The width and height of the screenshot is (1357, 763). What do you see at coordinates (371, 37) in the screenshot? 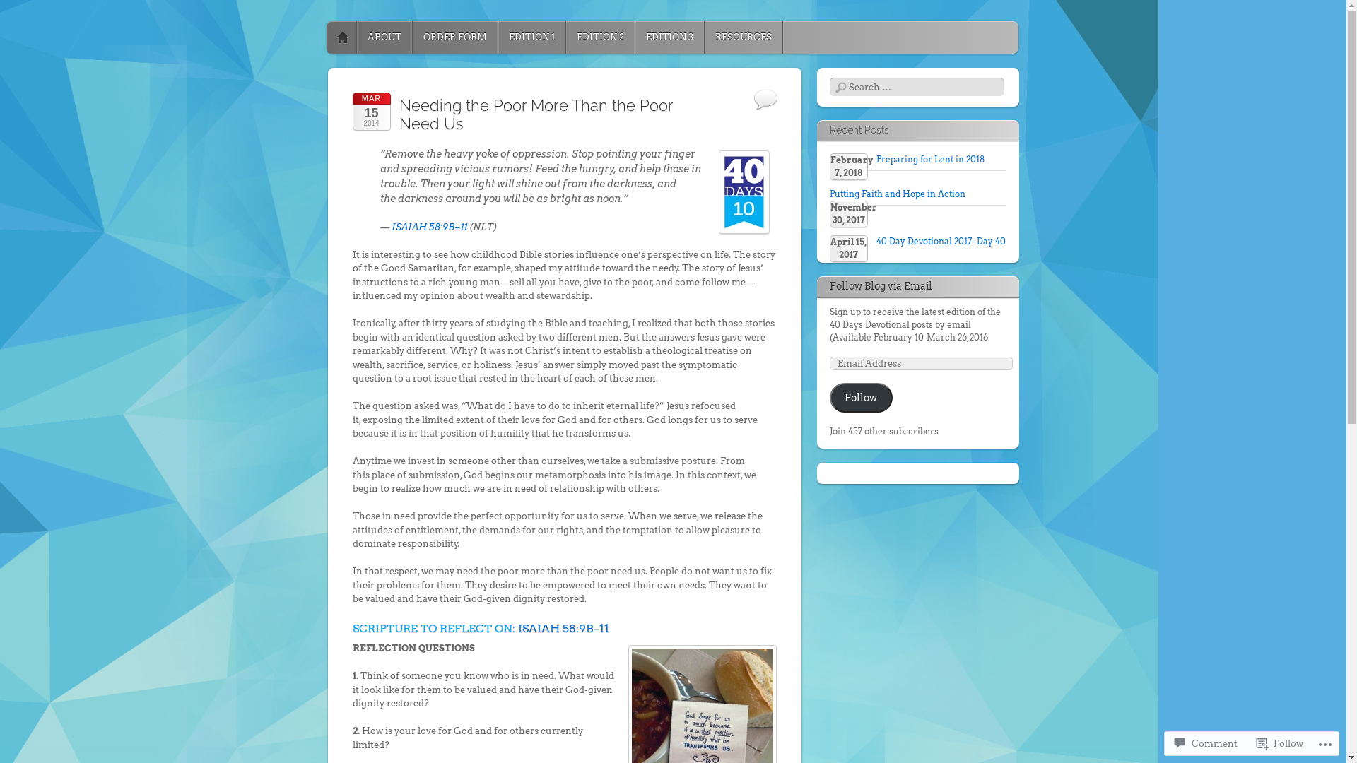
I see `'Skip to content'` at bounding box center [371, 37].